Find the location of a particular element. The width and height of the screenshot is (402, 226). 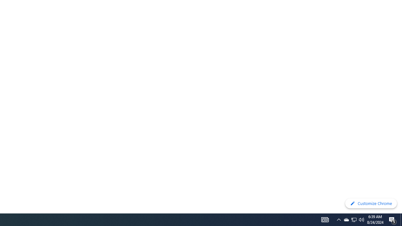

'Customize Chrome' is located at coordinates (371, 203).